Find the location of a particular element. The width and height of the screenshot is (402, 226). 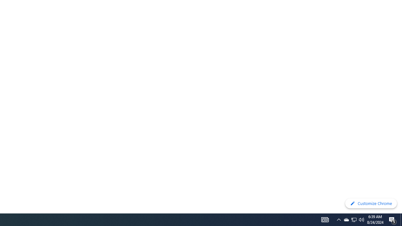

'Customize Chrome' is located at coordinates (371, 203).